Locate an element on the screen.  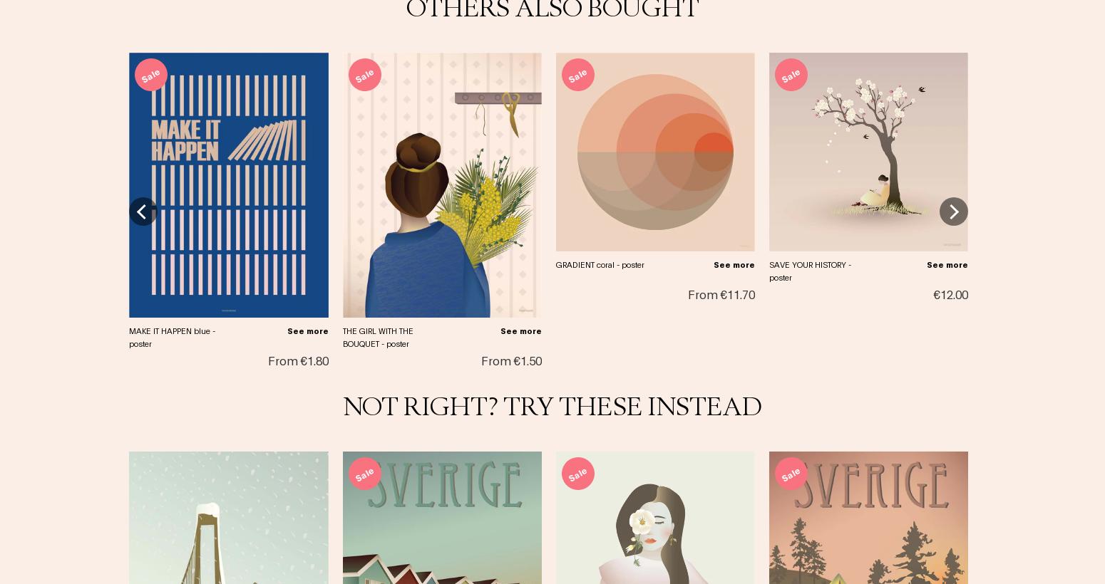
'MAKE IT HAPPEN blue - poster' is located at coordinates (172, 335).